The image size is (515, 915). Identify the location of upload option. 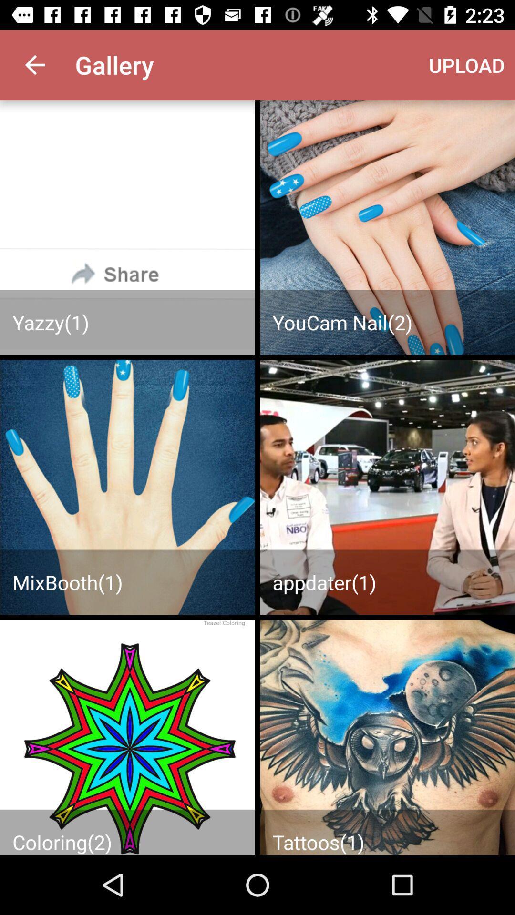
(387, 227).